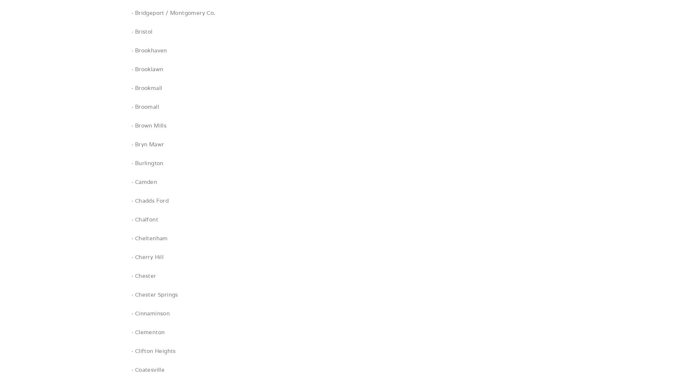 Image resolution: width=686 pixels, height=380 pixels. Describe the element at coordinates (148, 369) in the screenshot. I see `'· Coatesville'` at that location.